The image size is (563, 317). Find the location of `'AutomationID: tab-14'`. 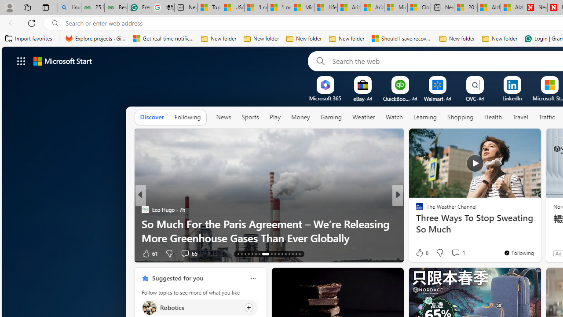

'AutomationID: tab-14' is located at coordinates (241, 254).